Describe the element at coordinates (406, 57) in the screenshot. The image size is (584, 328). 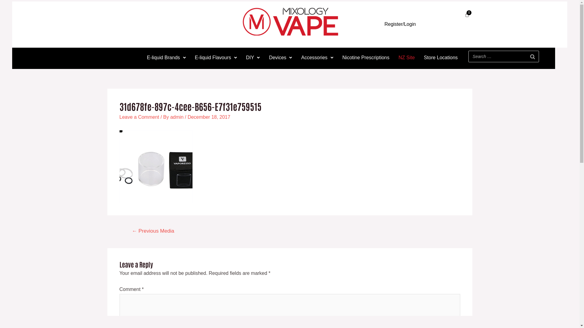
I see `'NZ Site'` at that location.